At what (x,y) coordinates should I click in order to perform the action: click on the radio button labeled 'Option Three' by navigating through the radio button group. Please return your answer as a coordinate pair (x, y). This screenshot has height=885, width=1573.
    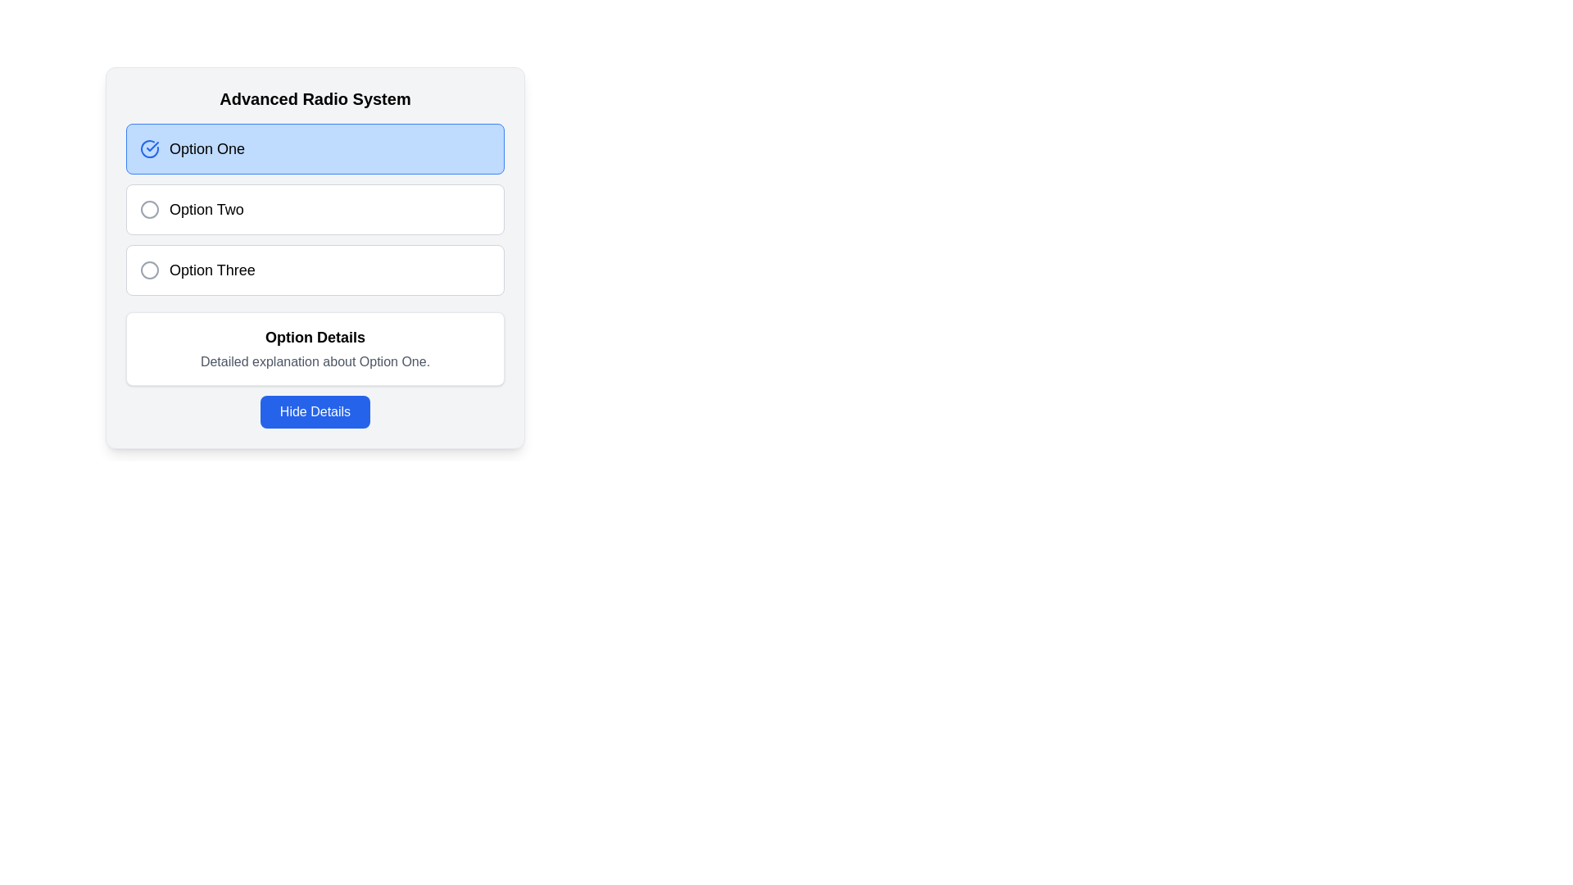
    Looking at the image, I should click on (315, 270).